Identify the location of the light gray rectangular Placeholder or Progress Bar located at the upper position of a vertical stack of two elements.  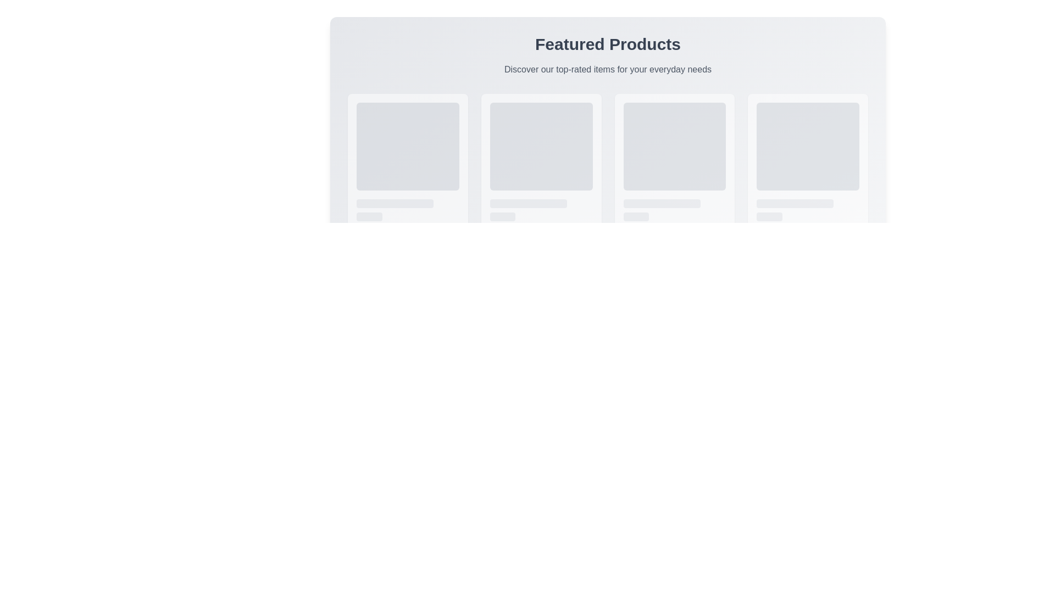
(528, 203).